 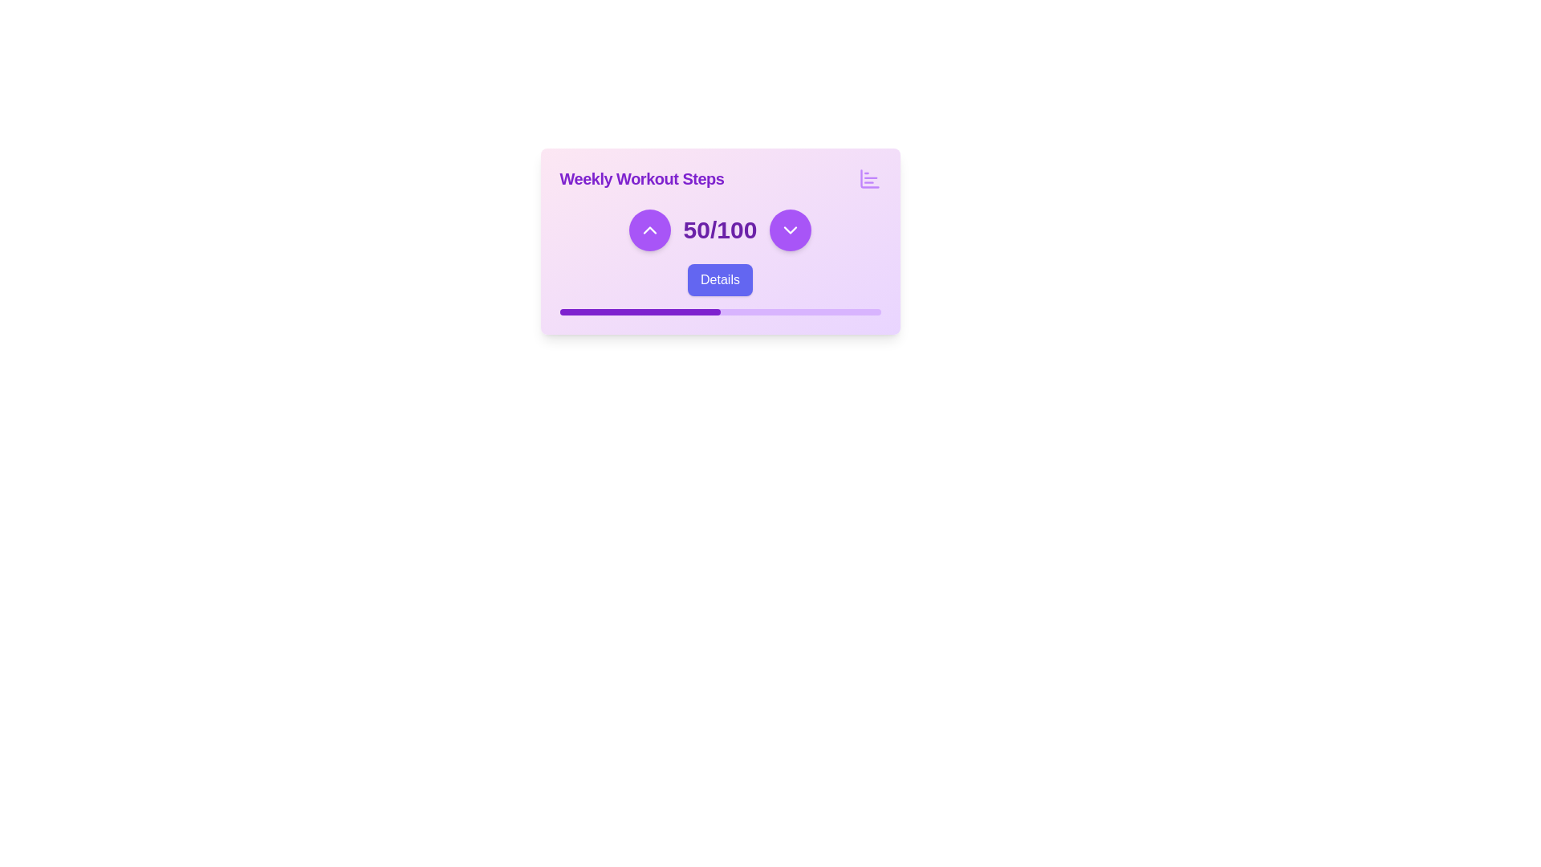 I want to click on the distinct icon in the top-right corner of the 'Weekly Workout Steps' card, which serves as a visual representation for accessing detailed insights about weekly workout steps, so click(x=868, y=179).